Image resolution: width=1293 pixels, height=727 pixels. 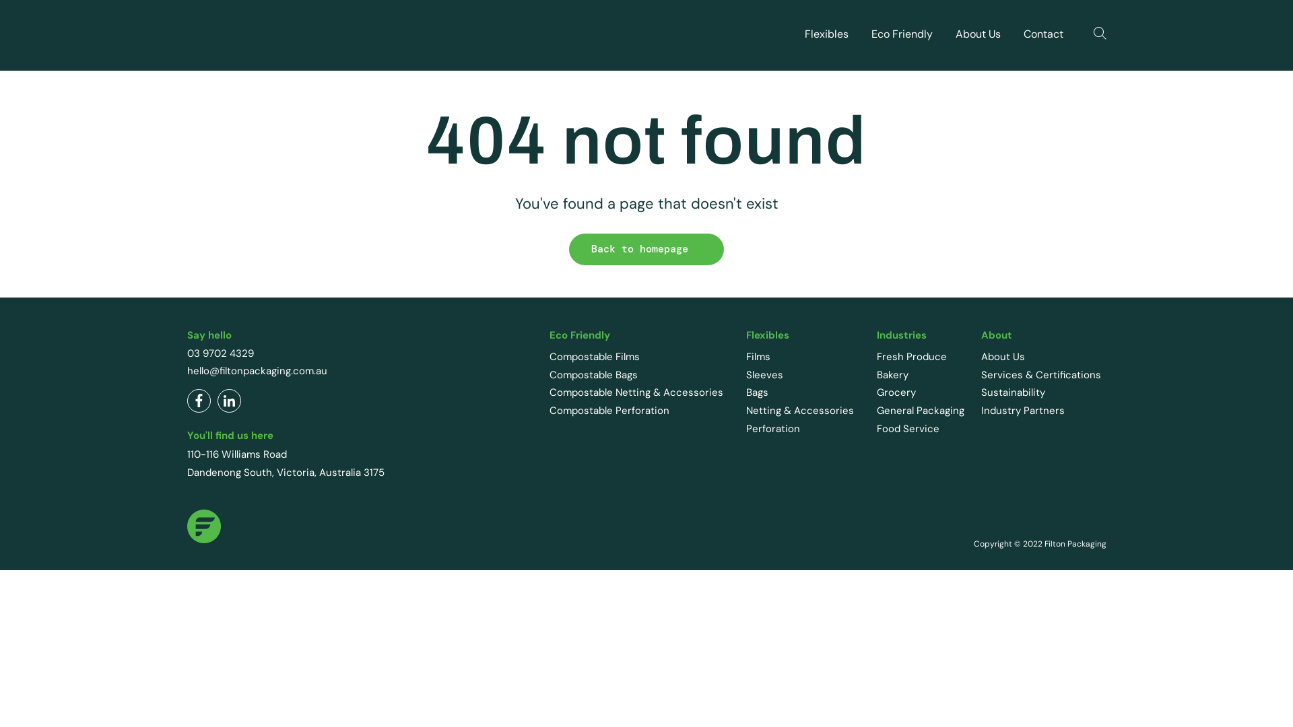 I want to click on '03 9702 4329', so click(x=220, y=352).